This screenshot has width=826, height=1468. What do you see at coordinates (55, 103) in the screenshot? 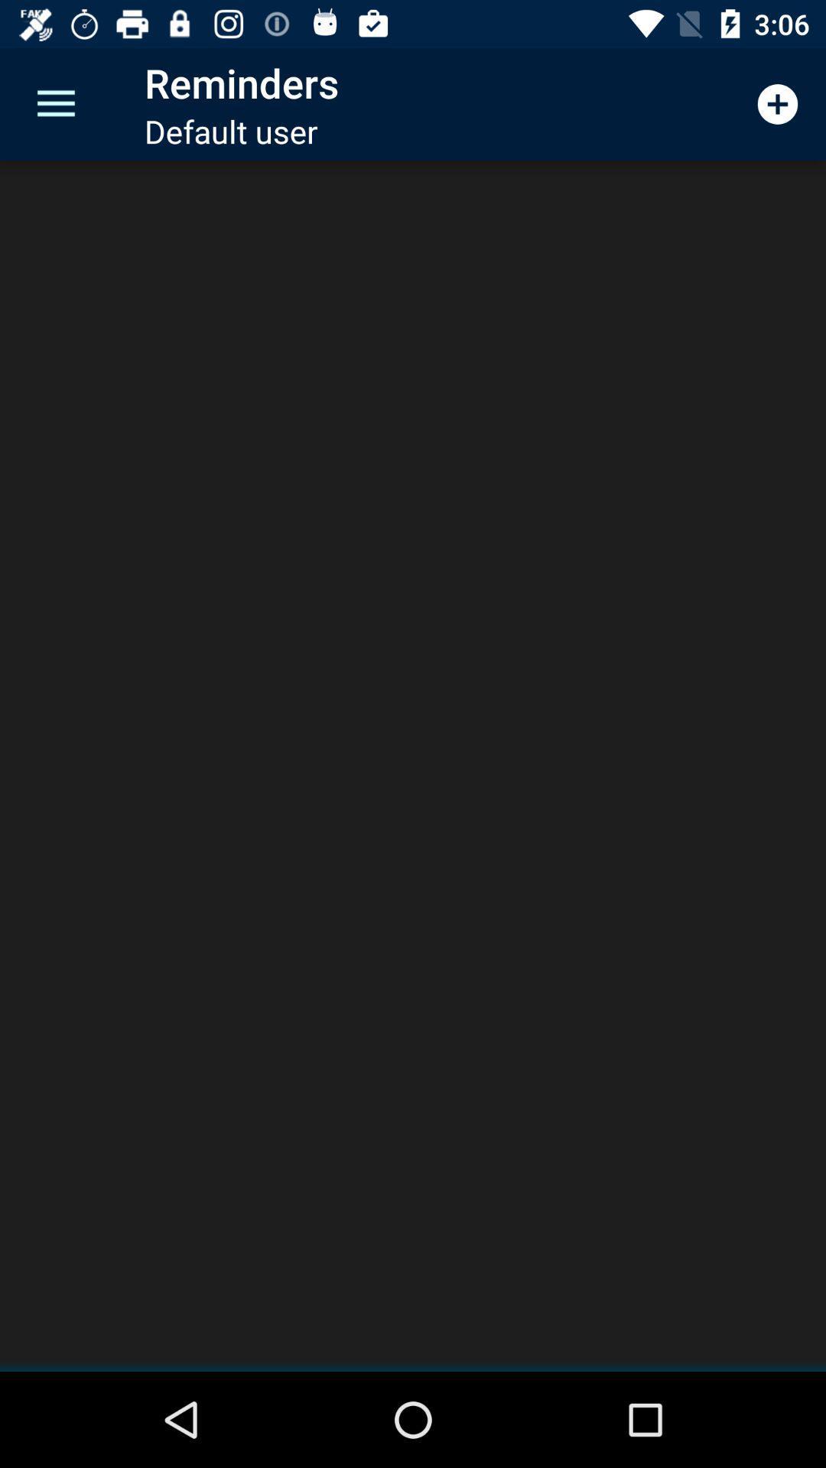
I see `item to the left of reminders item` at bounding box center [55, 103].